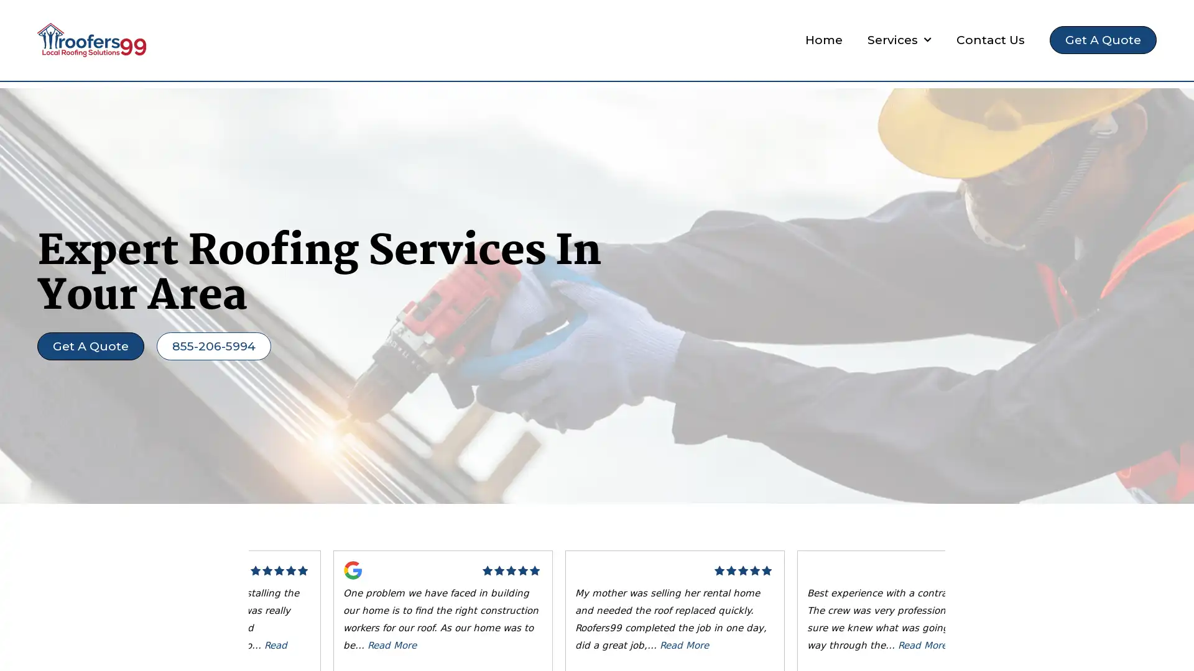  Describe the element at coordinates (90, 346) in the screenshot. I see `Get A Quote` at that location.